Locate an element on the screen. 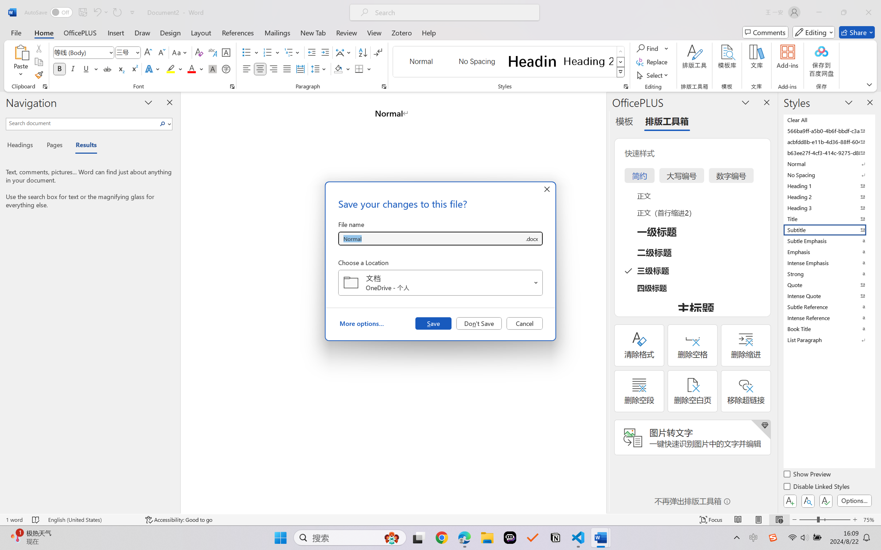 The image size is (881, 550). 'b63ee27f-4cf3-414c-9275-d88e3f90795e' is located at coordinates (828, 152).